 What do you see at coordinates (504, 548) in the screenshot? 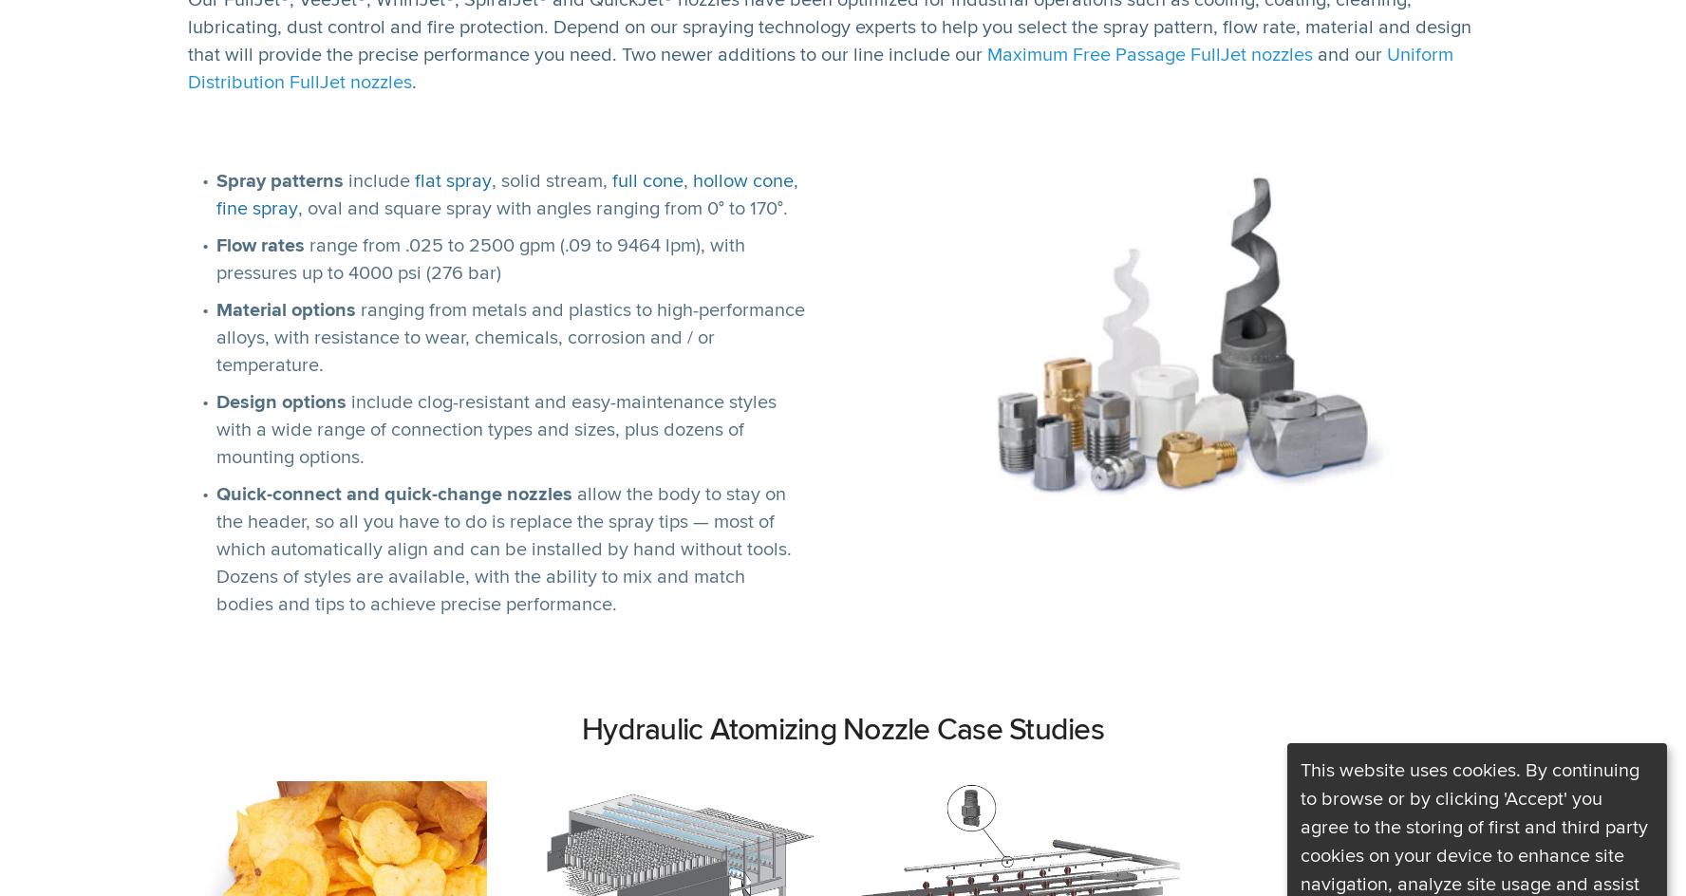
I see `'allow the body to stay on the header, so all you have to do is replace the spray tips — most of which automatically align and can be installed by hand without tools. Dozens of styles are available, with the ability to mix and match bodies and tips to achieve precise performance.'` at bounding box center [504, 548].